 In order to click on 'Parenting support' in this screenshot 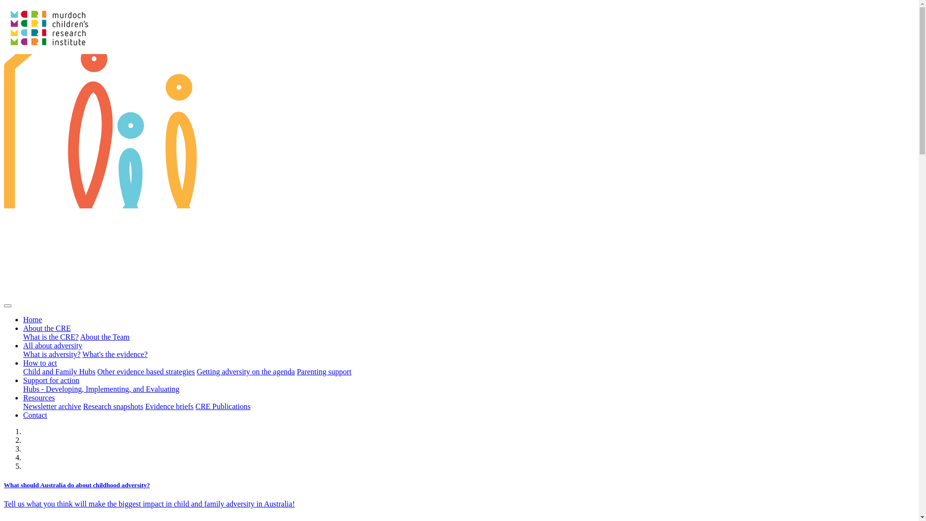, I will do `click(296, 371)`.